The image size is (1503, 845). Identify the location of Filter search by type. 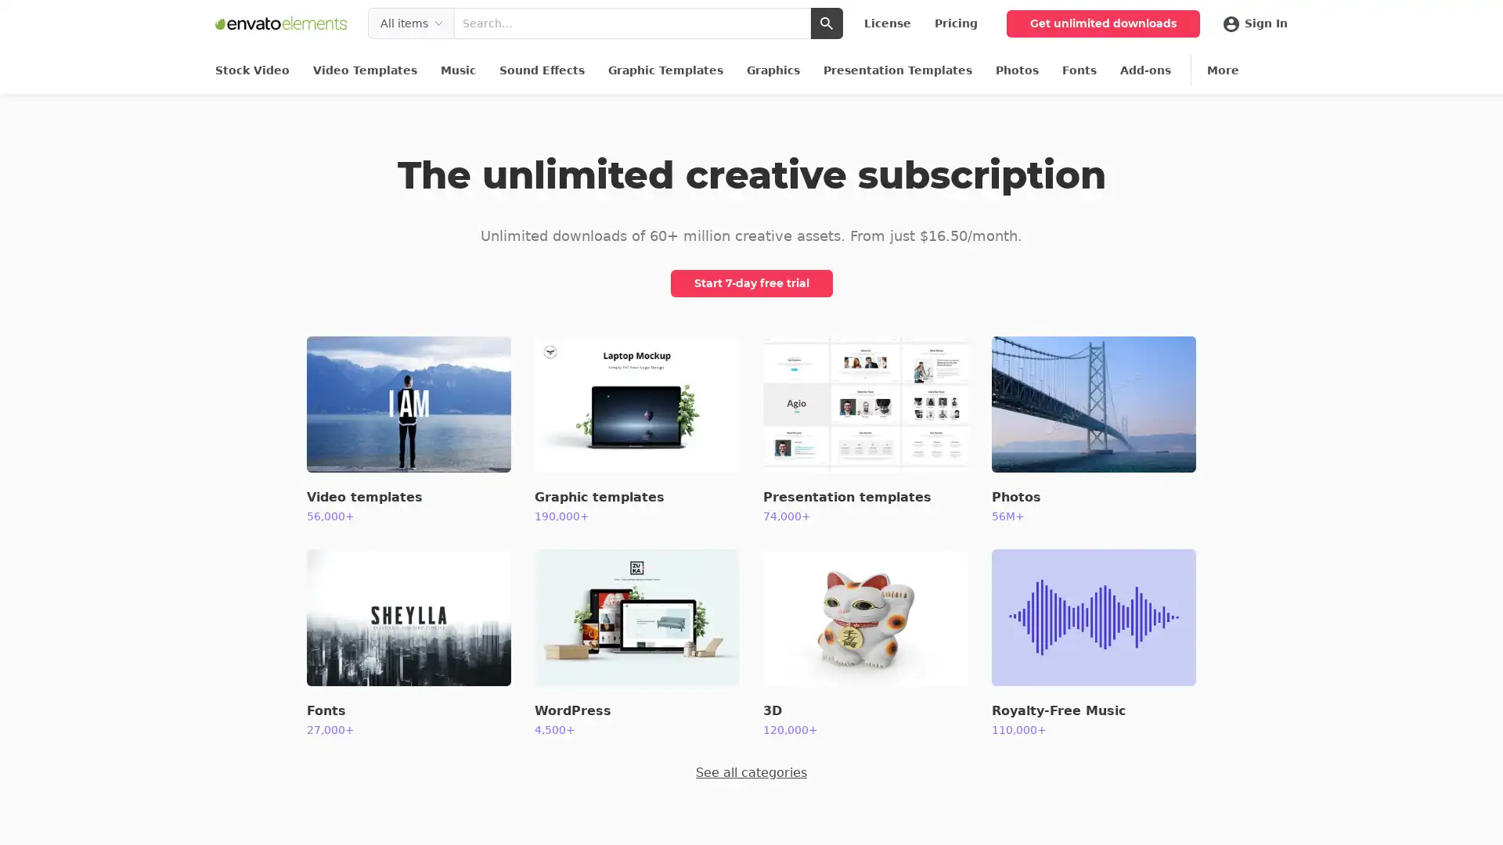
(410, 23).